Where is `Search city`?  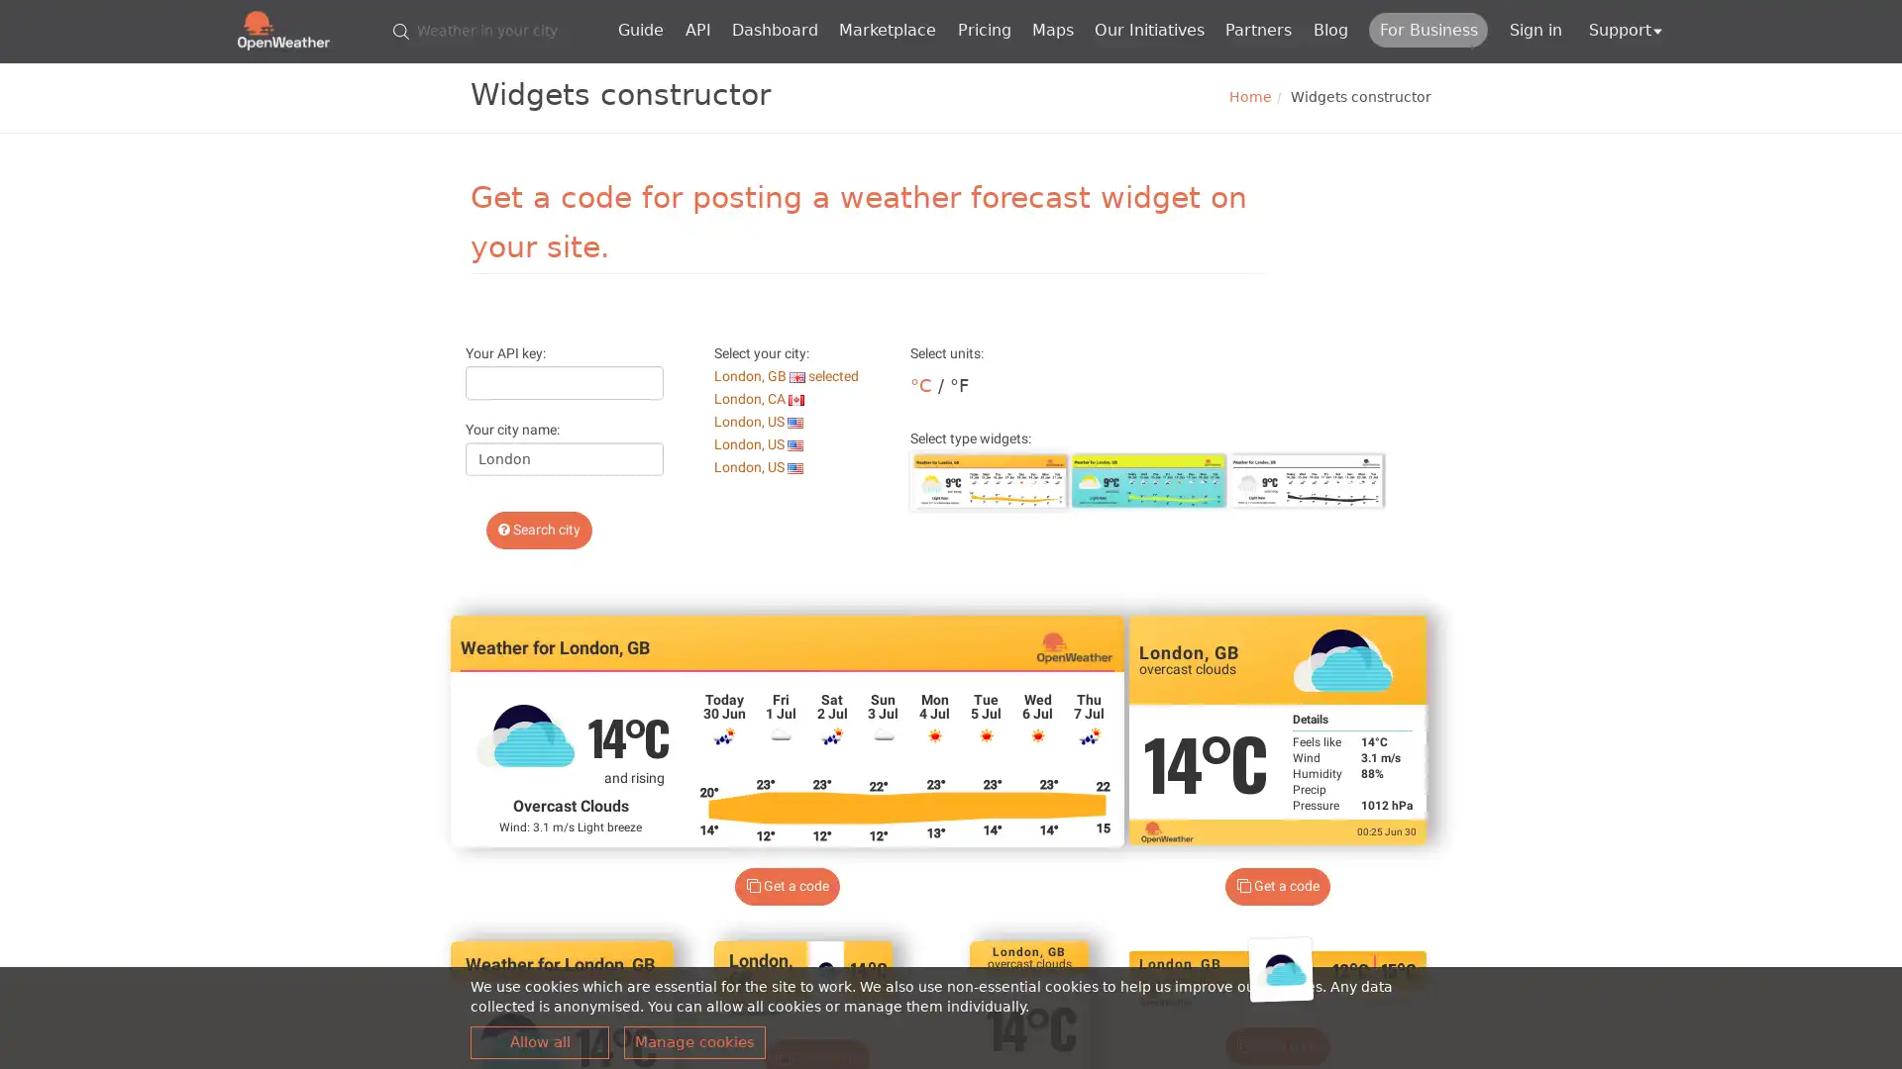 Search city is located at coordinates (538, 530).